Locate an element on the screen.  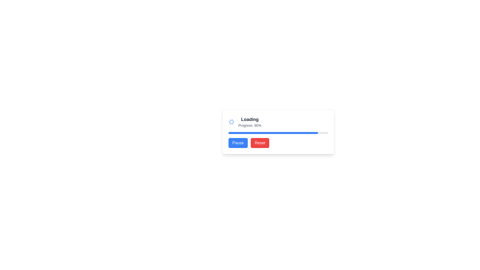
the Text block that displays the loading status, which includes a title and percentage progress, located centrally above the progress bar and buttons is located at coordinates (250, 122).